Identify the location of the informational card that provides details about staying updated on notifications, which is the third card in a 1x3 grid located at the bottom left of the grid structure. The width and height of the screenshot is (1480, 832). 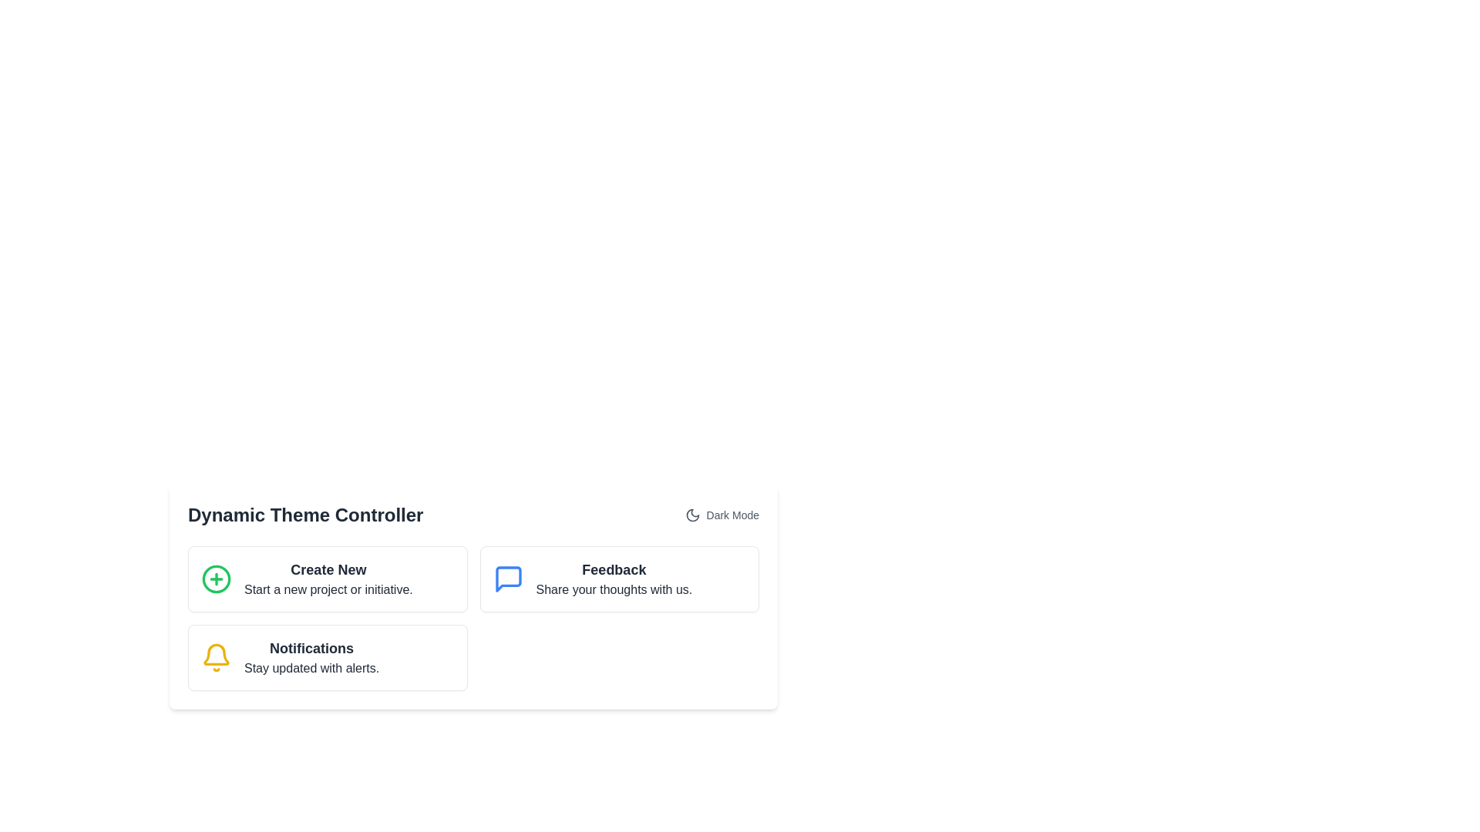
(327, 657).